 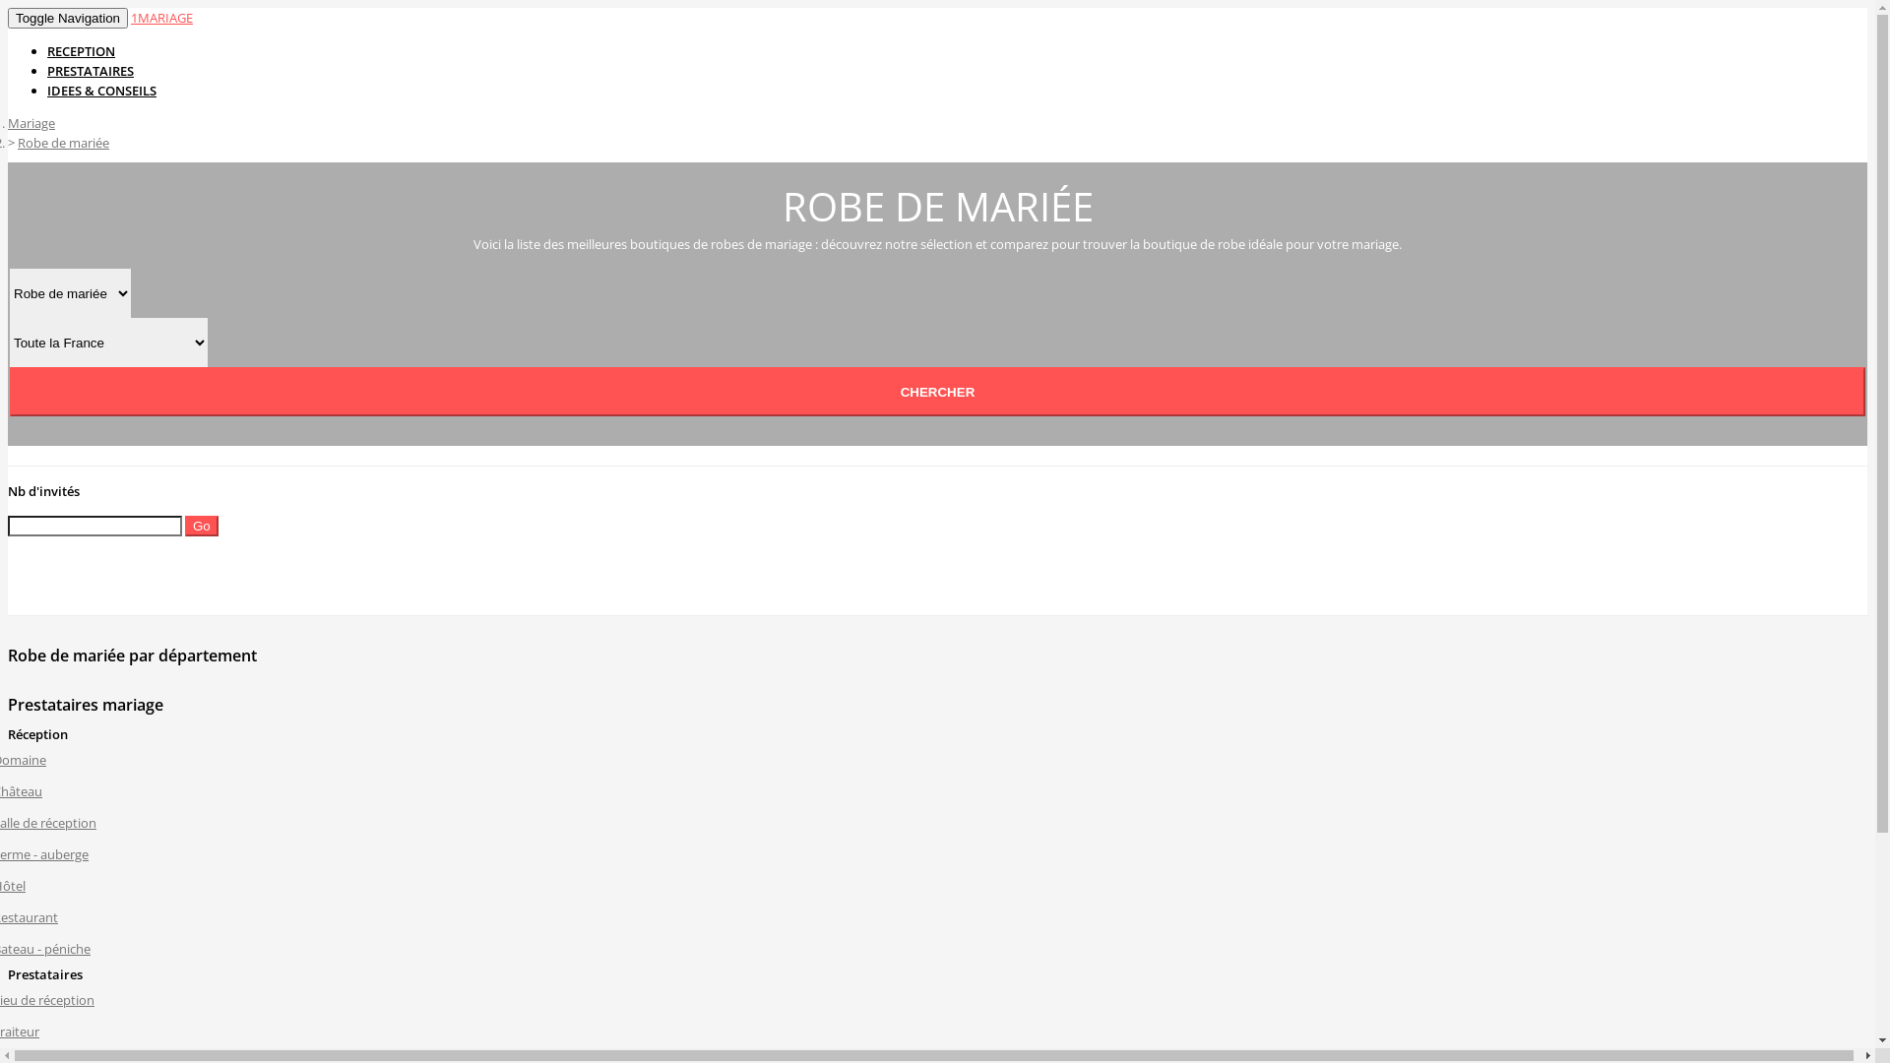 What do you see at coordinates (130, 18) in the screenshot?
I see `'1MARIAGE'` at bounding box center [130, 18].